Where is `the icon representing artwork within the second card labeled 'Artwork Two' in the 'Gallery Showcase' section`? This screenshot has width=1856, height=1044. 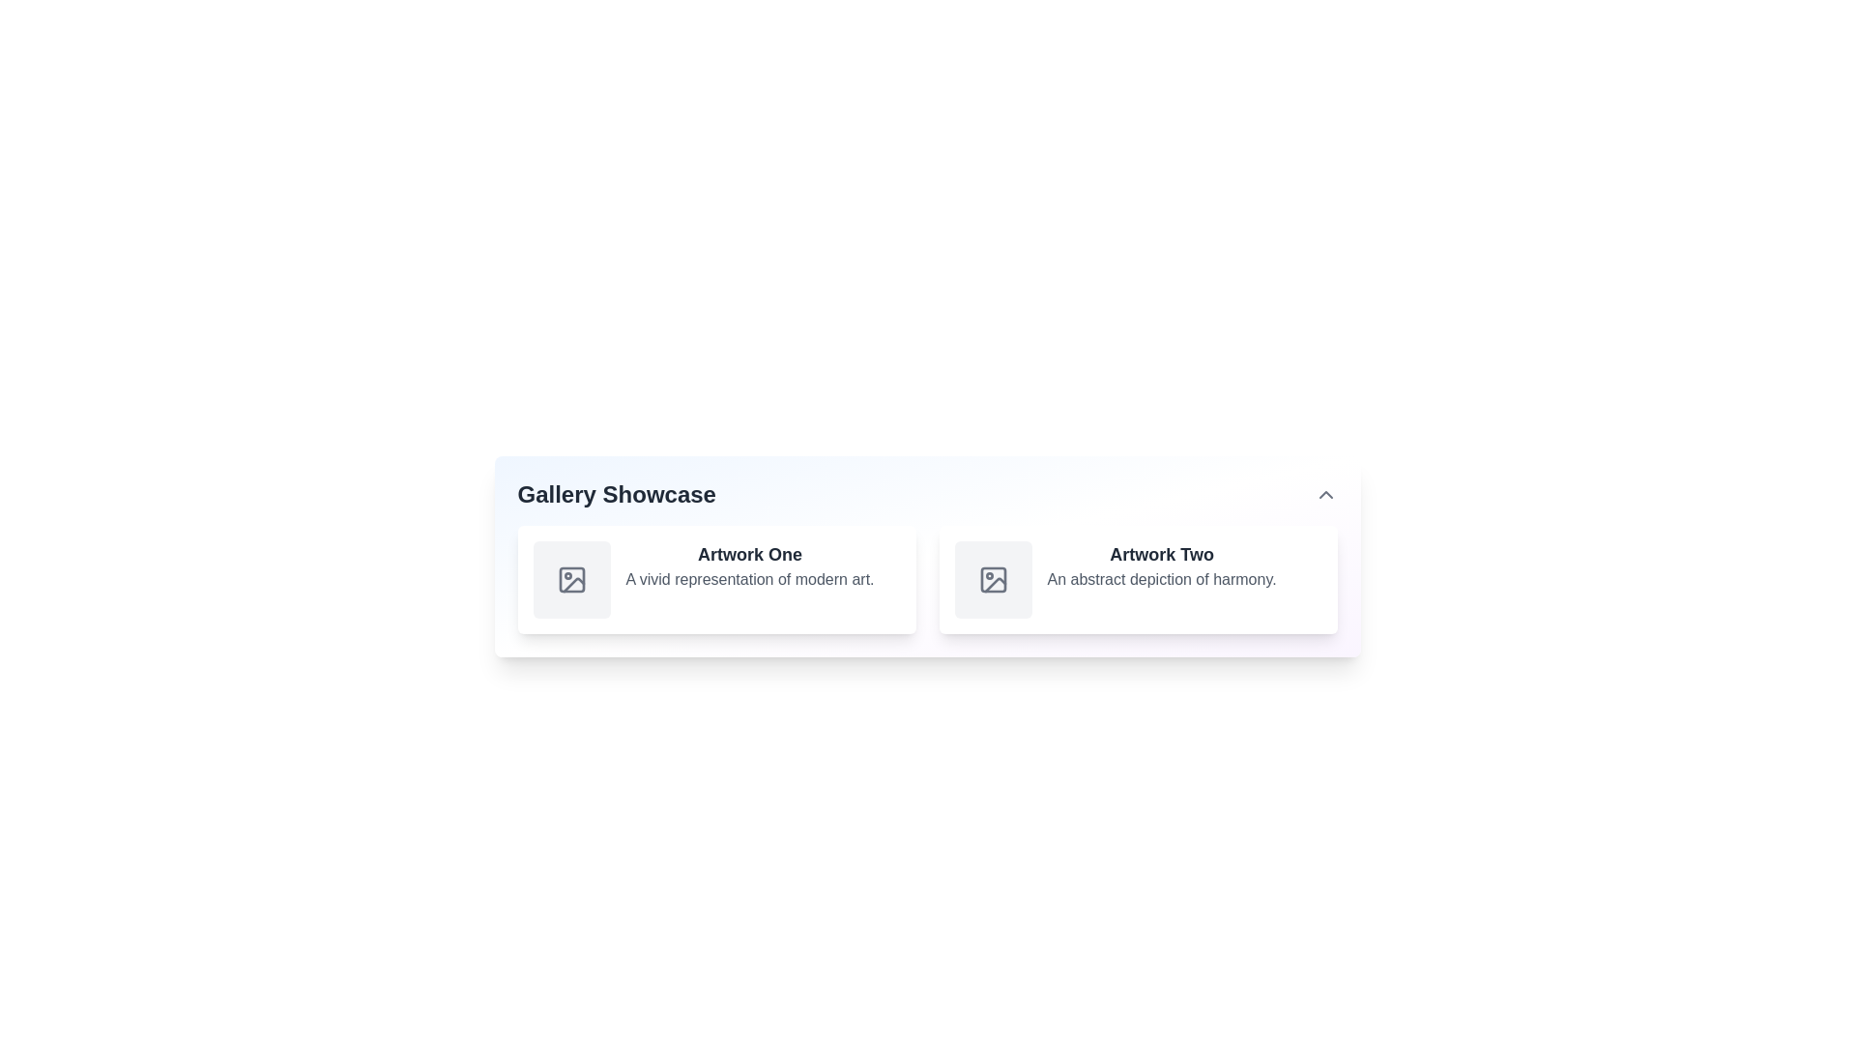 the icon representing artwork within the second card labeled 'Artwork Two' in the 'Gallery Showcase' section is located at coordinates (993, 579).